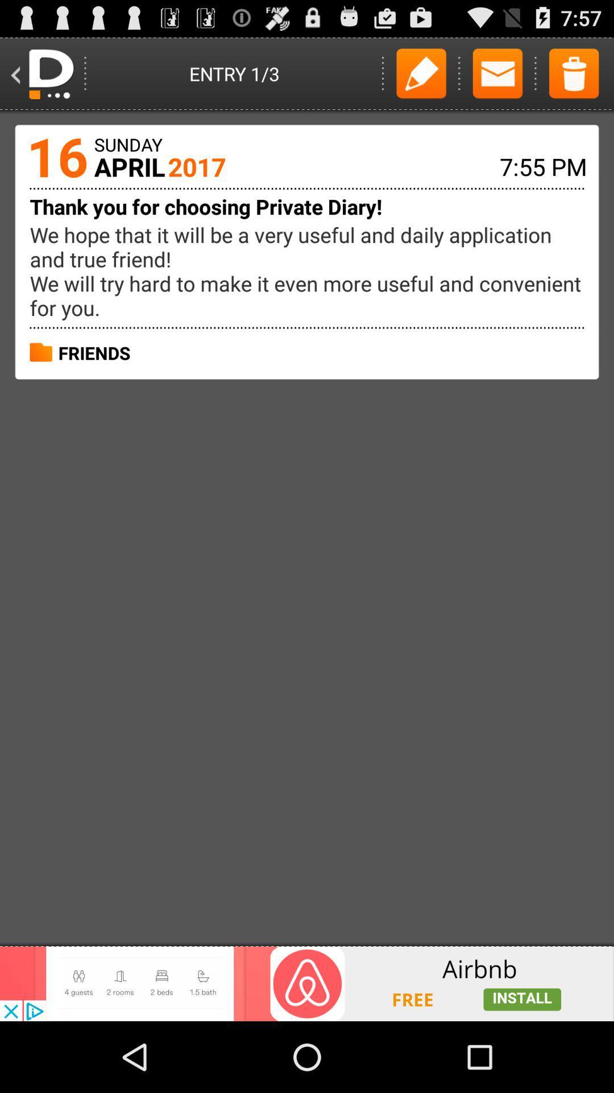 The height and width of the screenshot is (1093, 614). I want to click on the email icon, so click(497, 78).